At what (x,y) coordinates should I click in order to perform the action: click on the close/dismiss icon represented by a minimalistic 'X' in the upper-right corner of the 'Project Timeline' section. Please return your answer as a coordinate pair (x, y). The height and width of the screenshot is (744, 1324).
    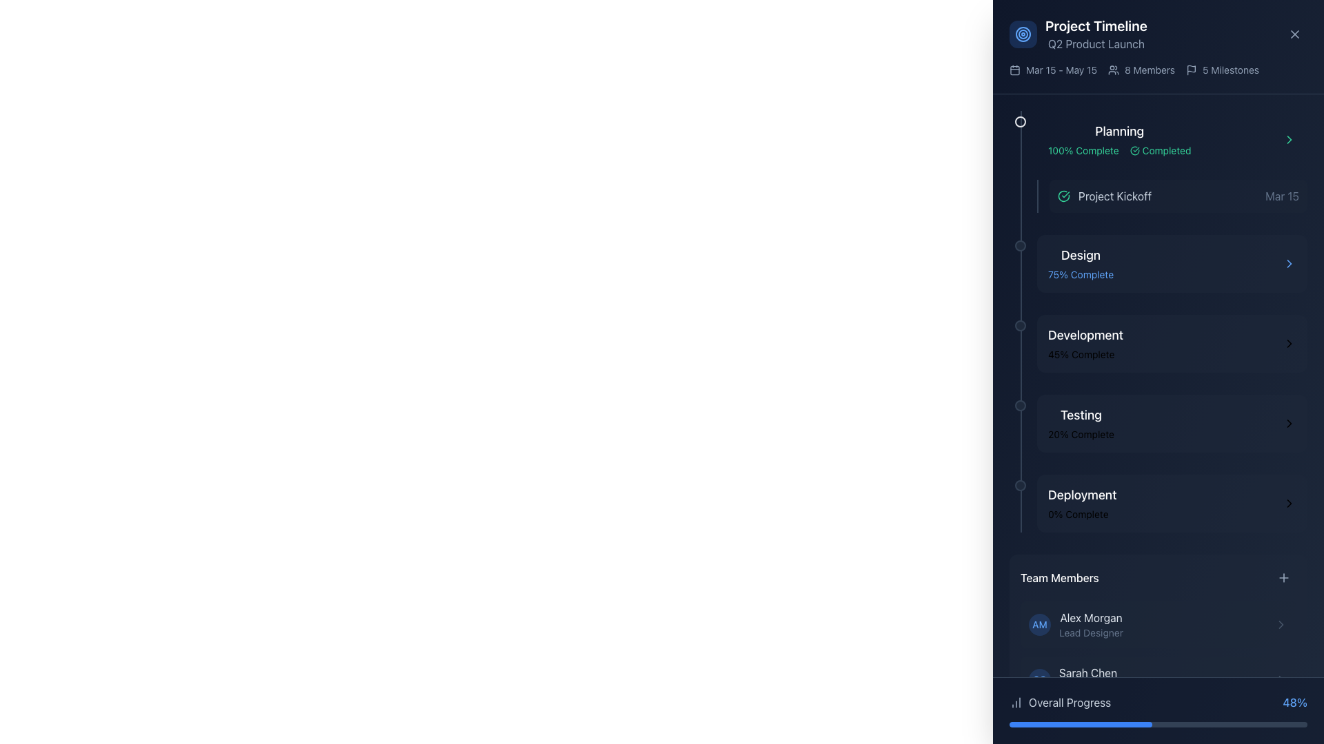
    Looking at the image, I should click on (1294, 34).